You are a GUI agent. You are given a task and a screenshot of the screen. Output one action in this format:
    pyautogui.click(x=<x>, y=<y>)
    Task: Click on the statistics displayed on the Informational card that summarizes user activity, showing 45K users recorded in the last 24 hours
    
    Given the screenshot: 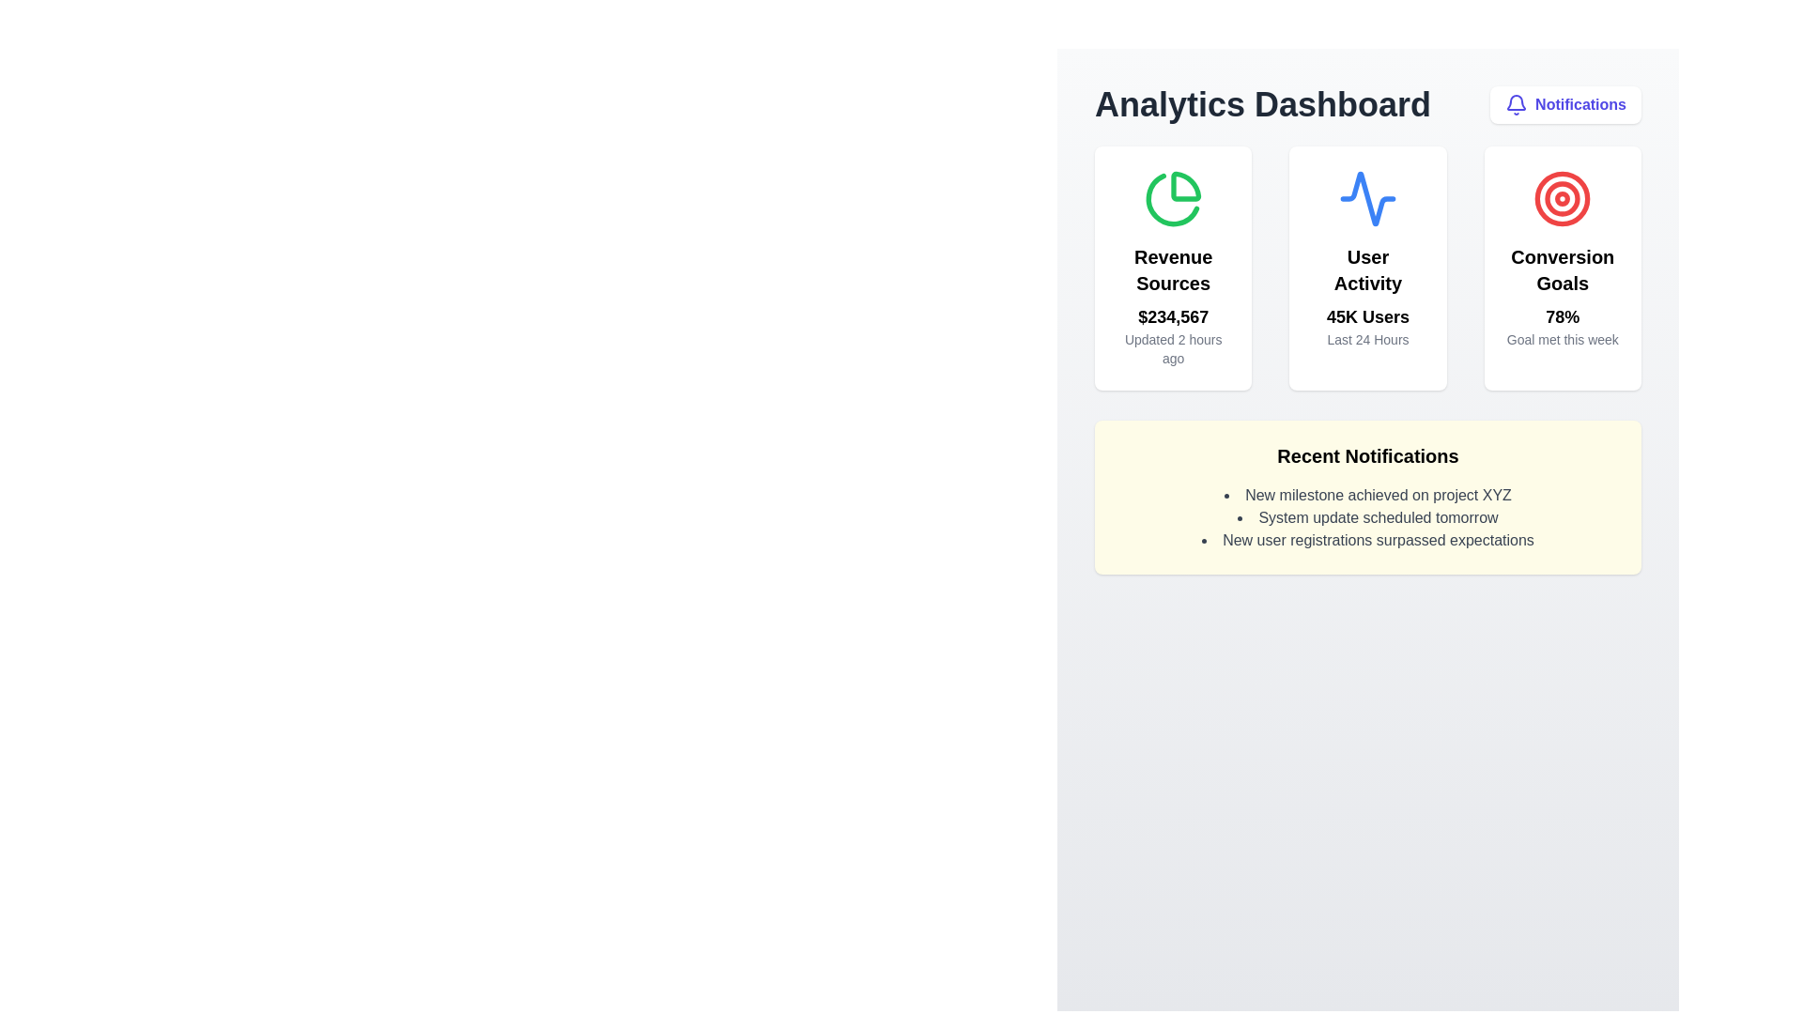 What is the action you would take?
    pyautogui.click(x=1367, y=268)
    